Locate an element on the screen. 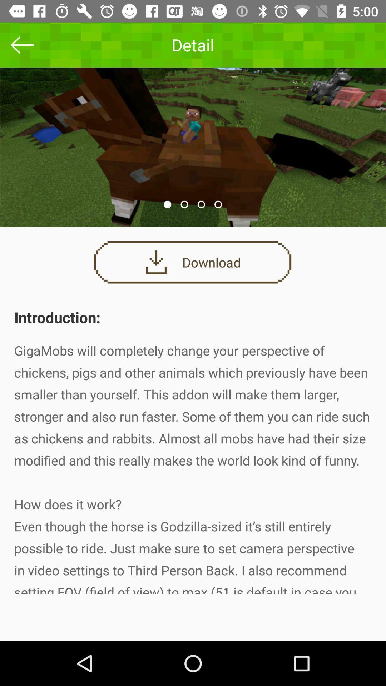 The height and width of the screenshot is (686, 386). go back is located at coordinates (22, 44).